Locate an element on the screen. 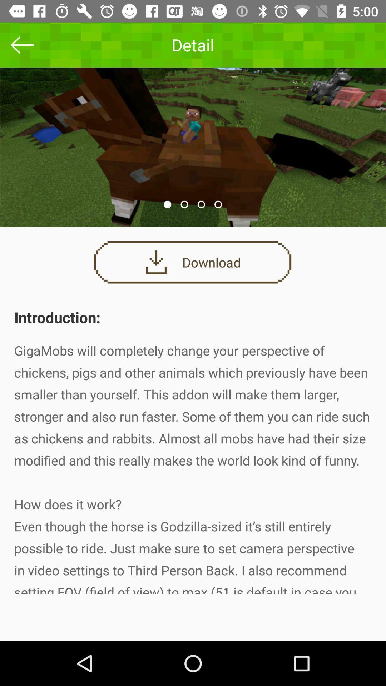 The height and width of the screenshot is (686, 386). go back is located at coordinates (22, 44).